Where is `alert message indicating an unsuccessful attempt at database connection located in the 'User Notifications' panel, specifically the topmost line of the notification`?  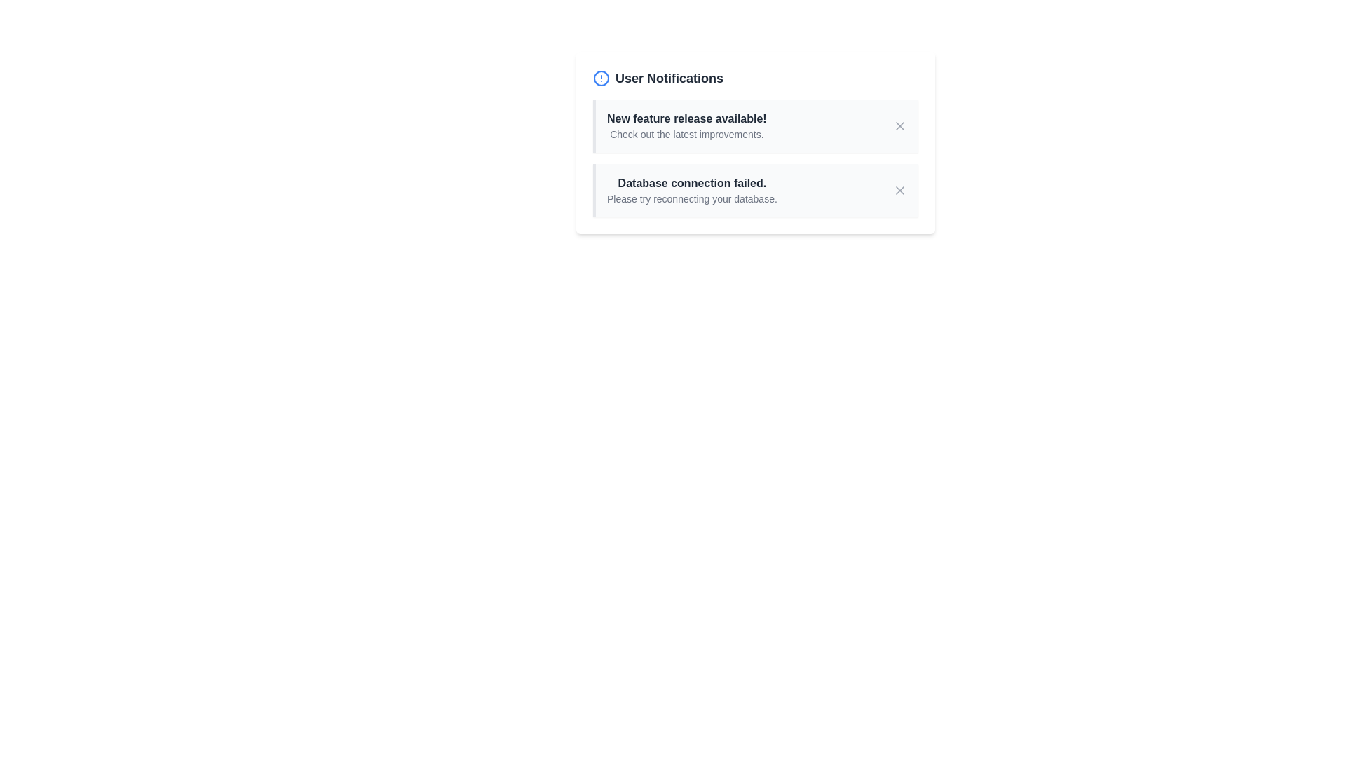
alert message indicating an unsuccessful attempt at database connection located in the 'User Notifications' panel, specifically the topmost line of the notification is located at coordinates (692, 183).